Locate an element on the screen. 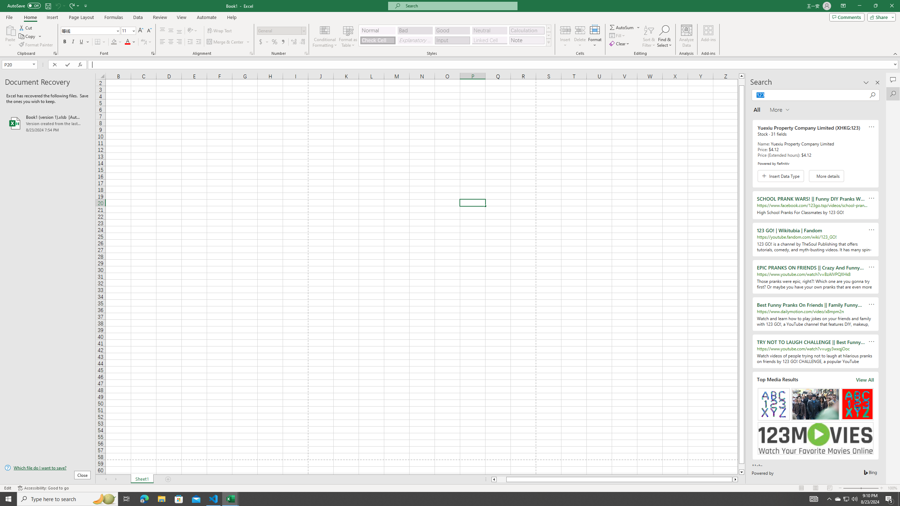 The width and height of the screenshot is (900, 506). 'Top Align' is located at coordinates (162, 31).